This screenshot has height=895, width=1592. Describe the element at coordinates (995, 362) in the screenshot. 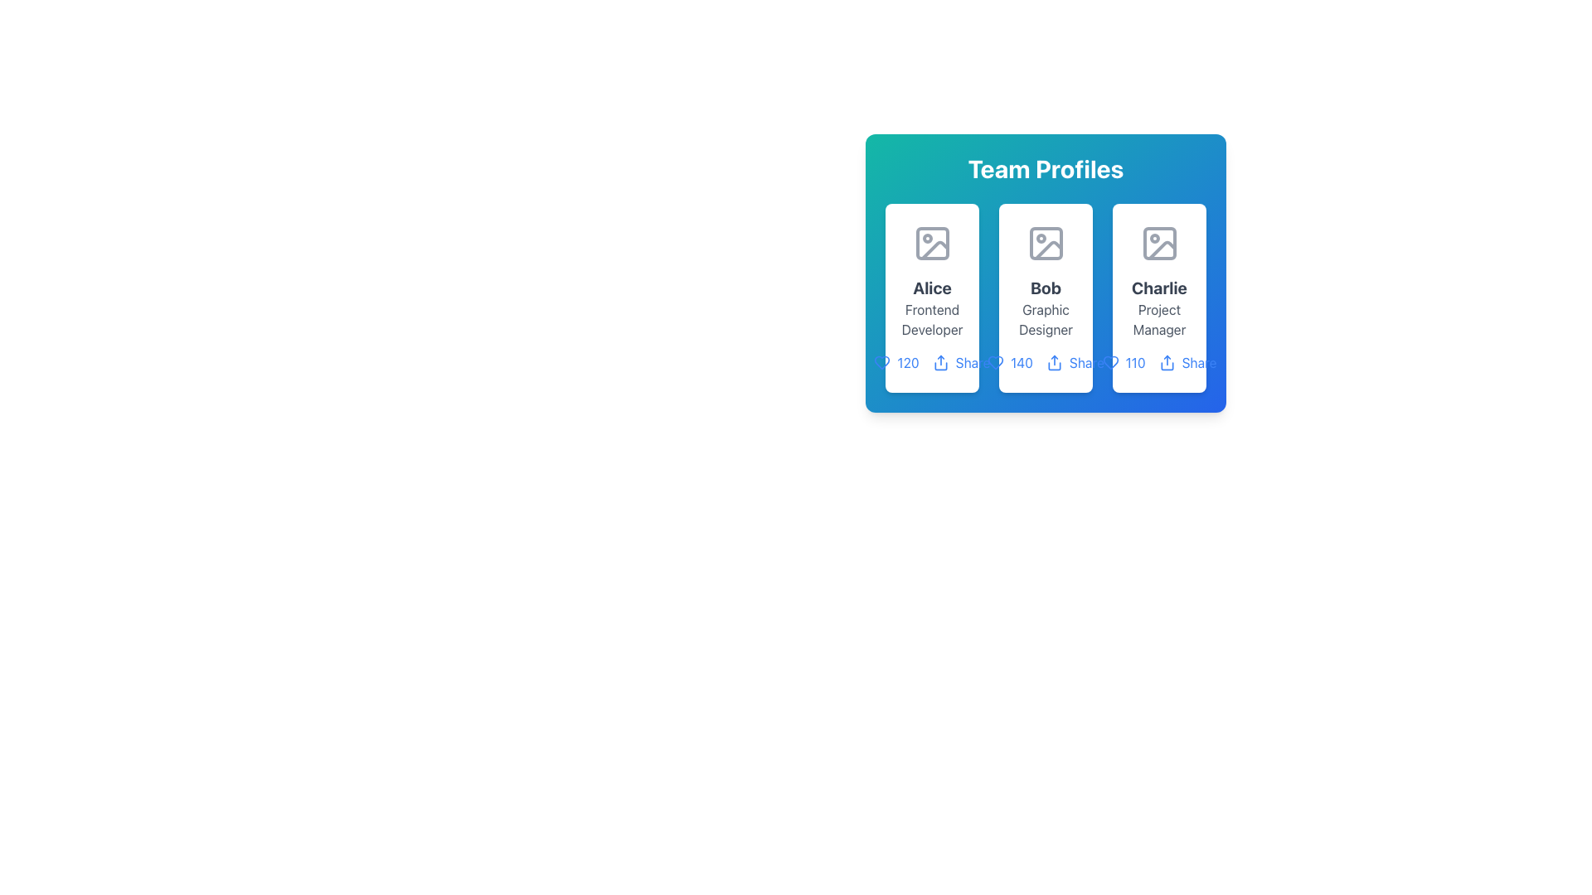

I see `the heart icon in the profile card for 'Bob'` at that location.